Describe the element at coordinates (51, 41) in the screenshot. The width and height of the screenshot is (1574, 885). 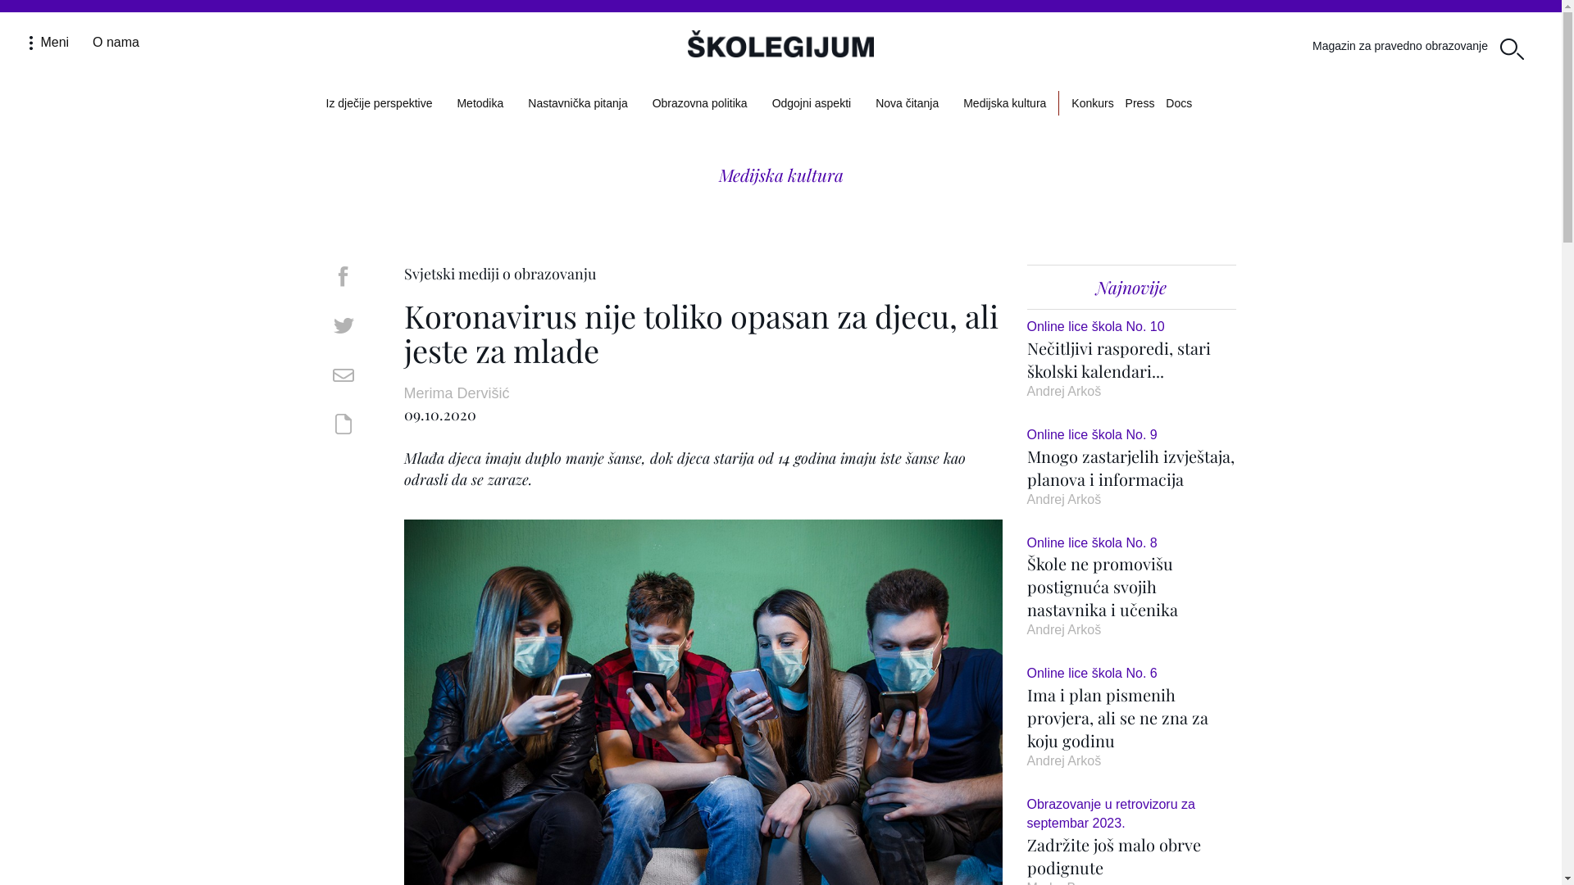
I see `'Meni '` at that location.